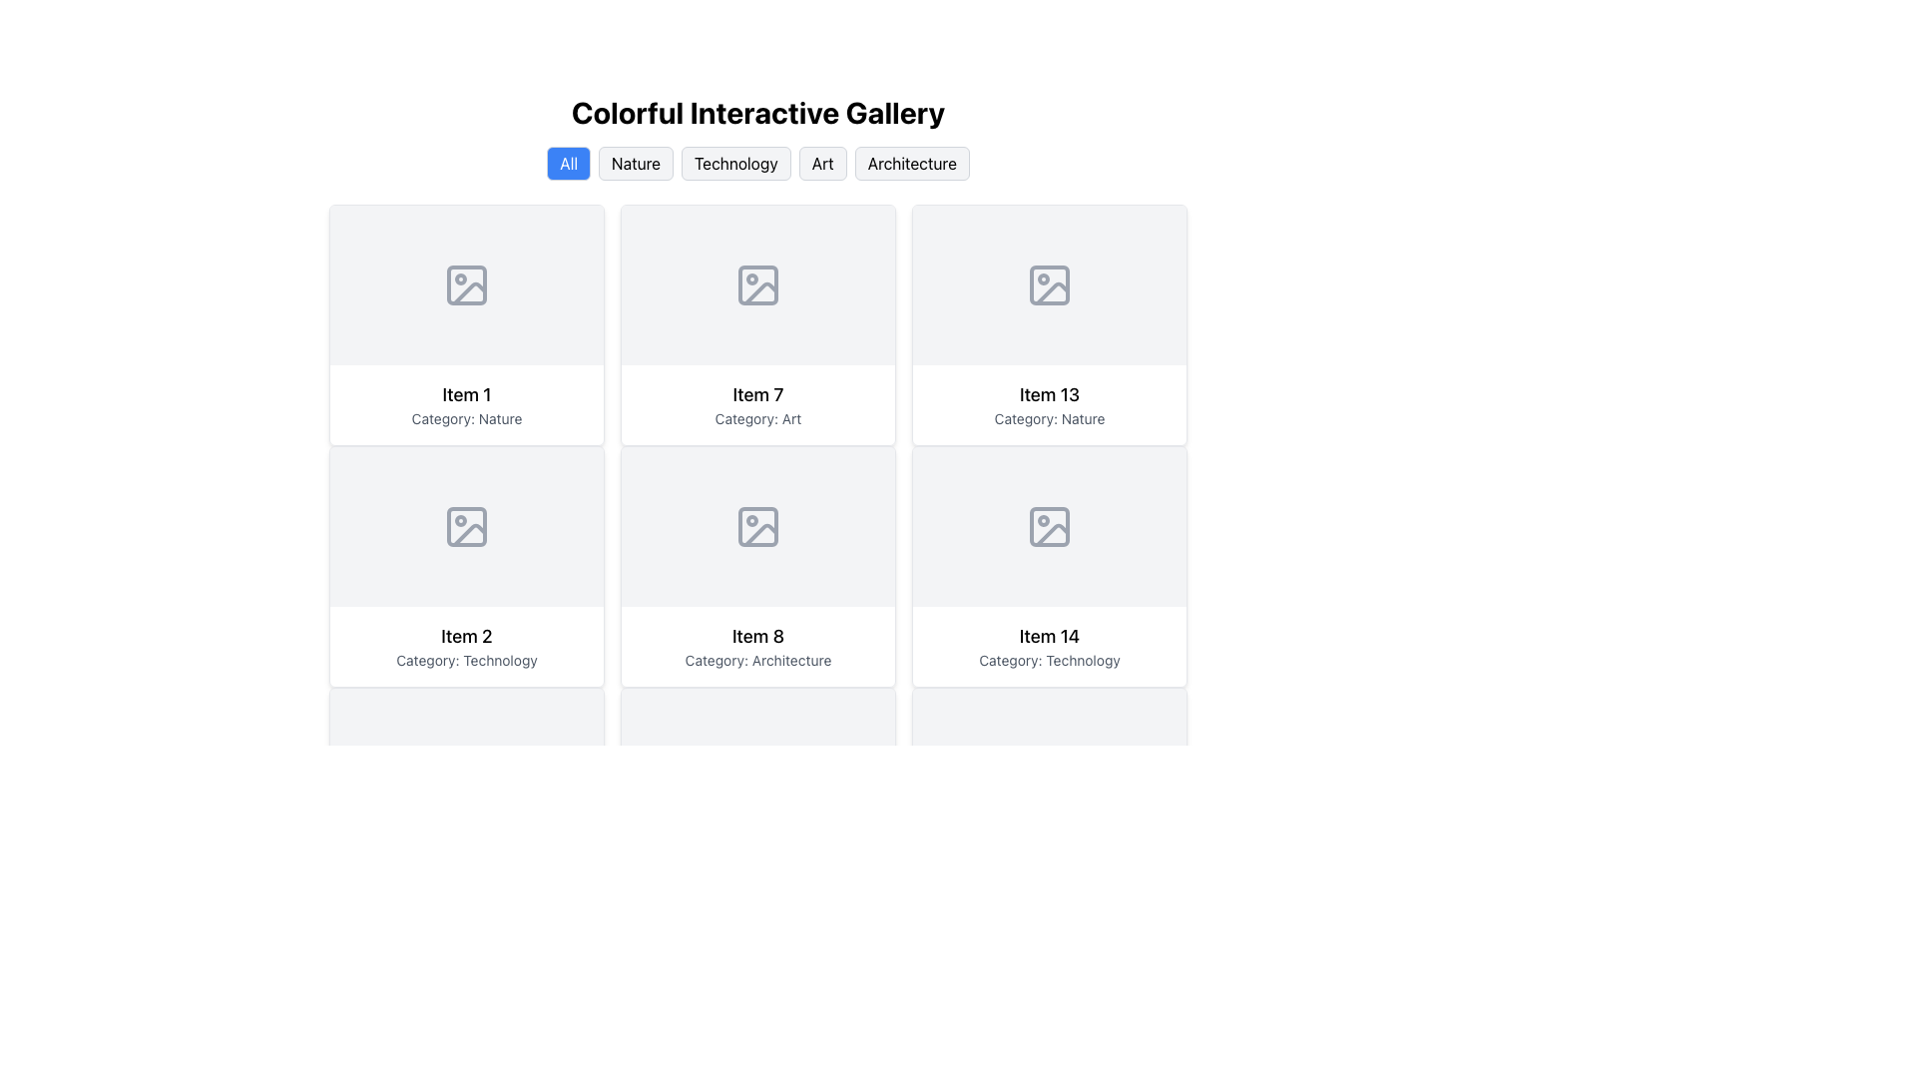 Image resolution: width=1916 pixels, height=1078 pixels. What do you see at coordinates (1048, 395) in the screenshot?
I see `the text label displaying 'Item 13' in bold, located within the third column of the third row in a card-like UI component` at bounding box center [1048, 395].